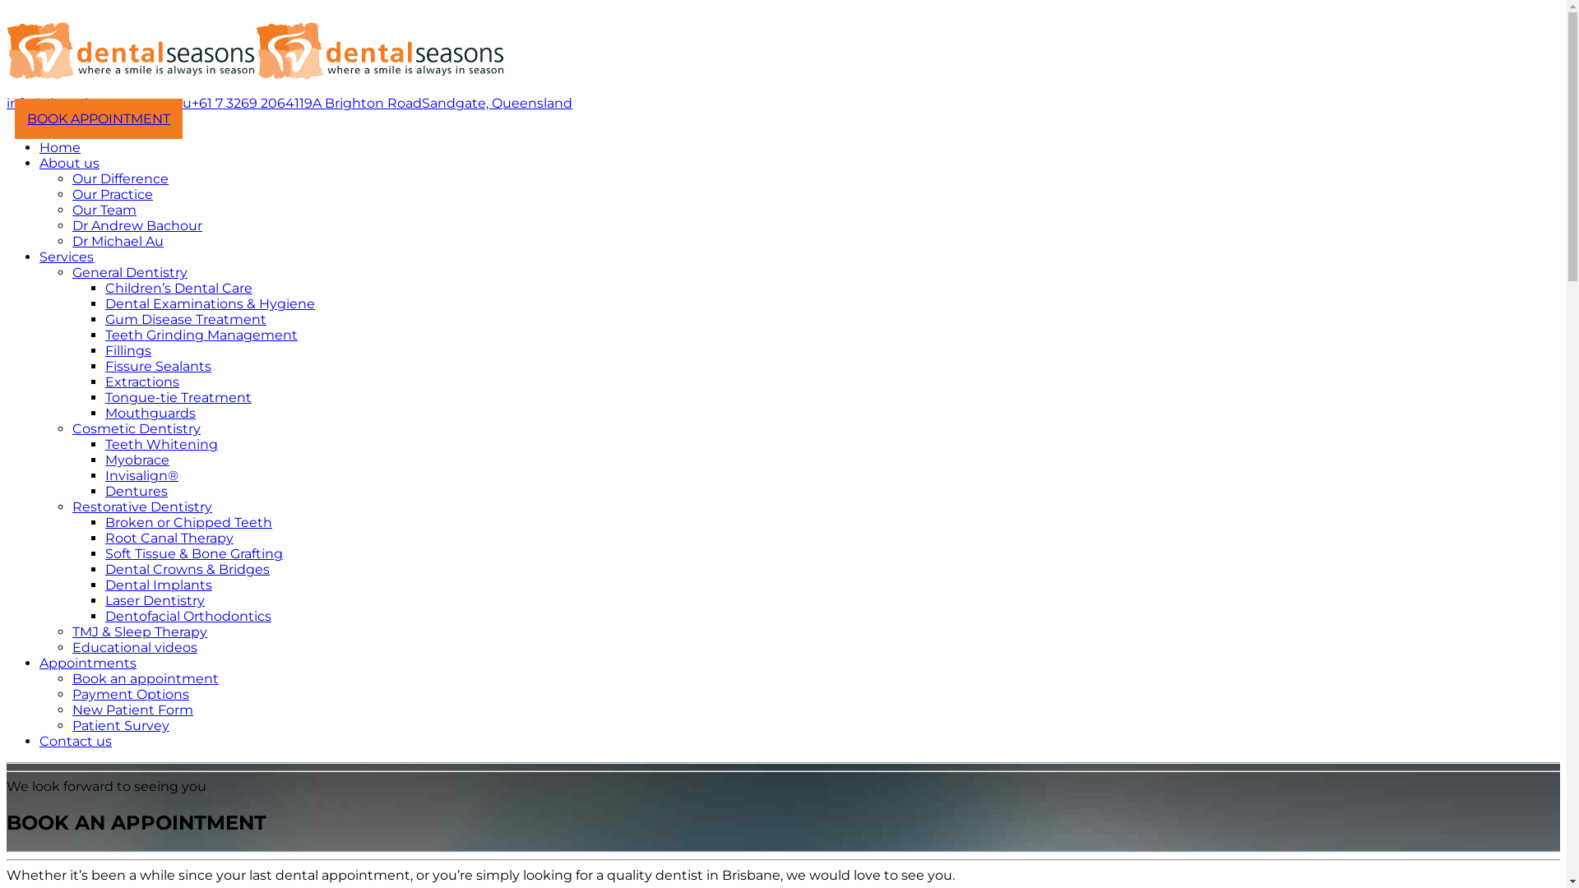  Describe the element at coordinates (134, 646) in the screenshot. I see `'Educational videos'` at that location.